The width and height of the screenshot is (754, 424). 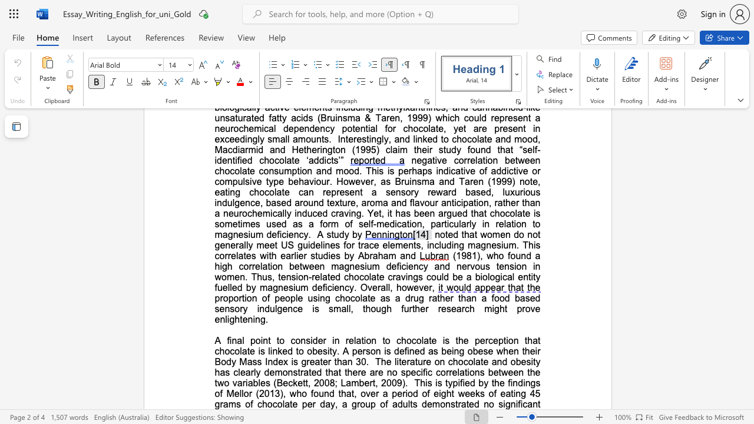 What do you see at coordinates (445, 403) in the screenshot?
I see `the subset text "nstrate" within the text "demonstrated"` at bounding box center [445, 403].